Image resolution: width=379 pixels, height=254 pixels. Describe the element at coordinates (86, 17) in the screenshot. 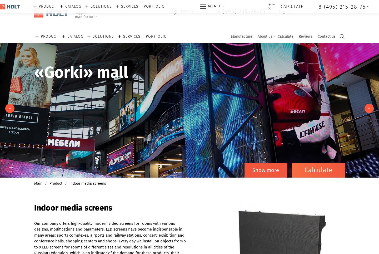

I see `'manifacturer'` at that location.